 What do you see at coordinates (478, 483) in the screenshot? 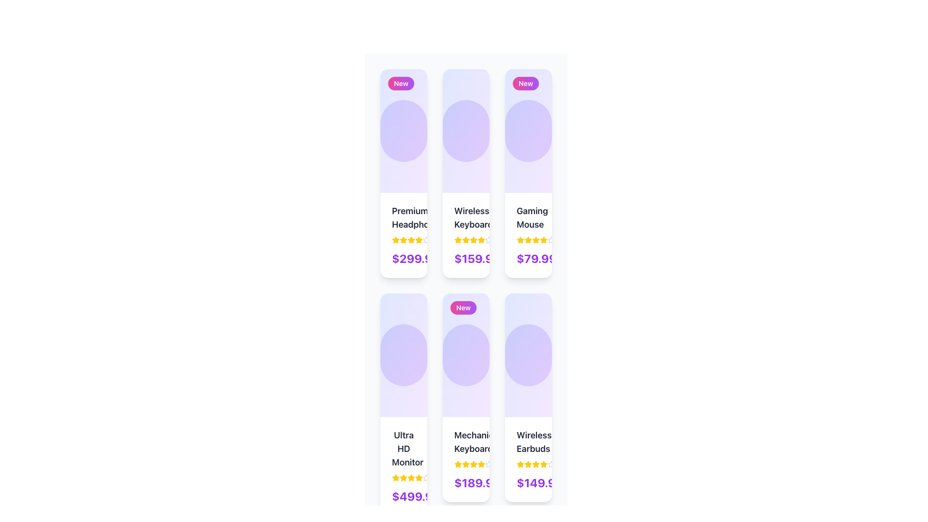
I see `the text label displaying '$189.99' in bold purple font at the bottom of the Mechanical Keyboard card in the product grid layout` at bounding box center [478, 483].